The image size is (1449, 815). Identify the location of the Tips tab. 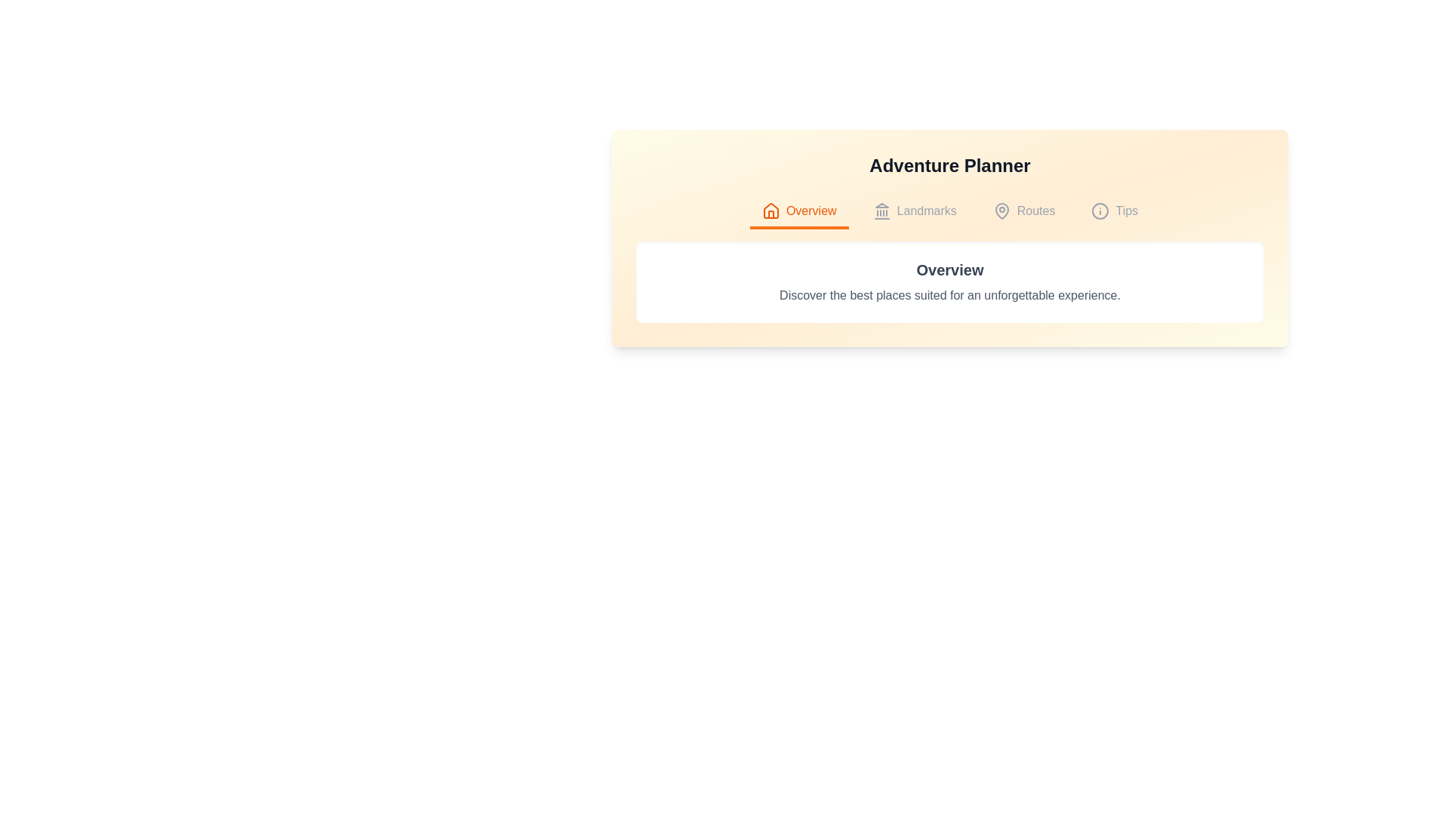
(1115, 212).